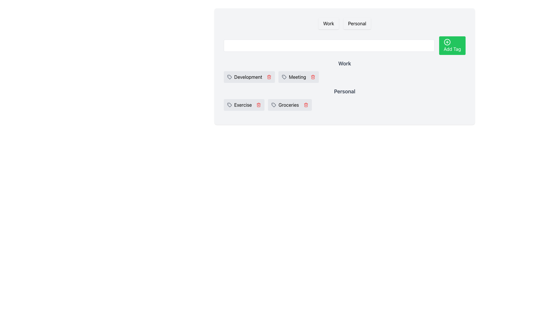  I want to click on the decorative or functional icon within the 'Add Tag' button, located to the right of the input field, so click(447, 42).